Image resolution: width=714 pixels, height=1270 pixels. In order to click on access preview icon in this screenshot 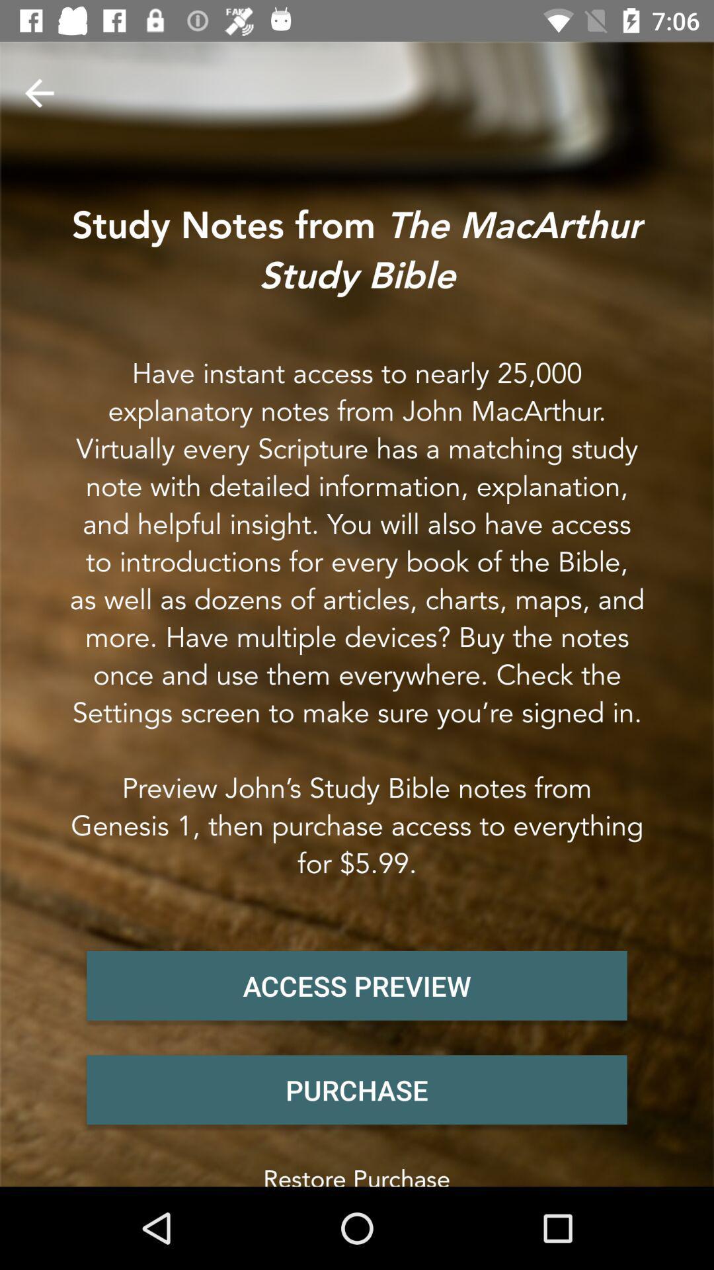, I will do `click(357, 986)`.